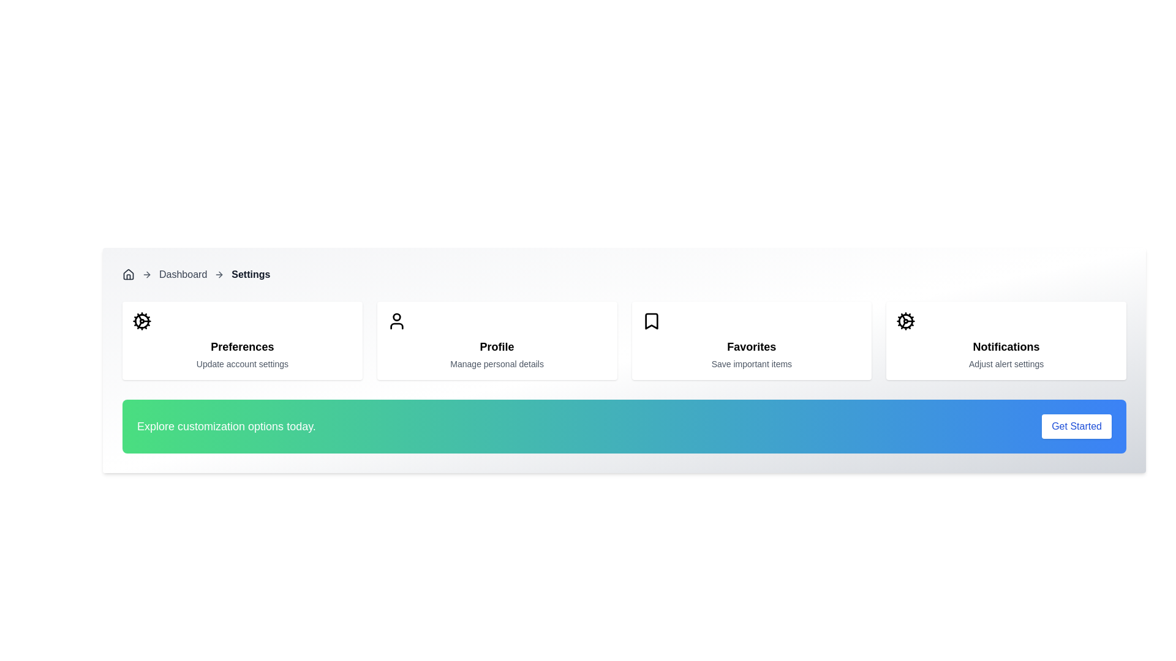 The width and height of the screenshot is (1176, 661). I want to click on the text label that reads 'Explore customization options today.' which is styled with a medium font weight and large font size, displayed in white color against a gradient background from green to blue, so click(226, 426).